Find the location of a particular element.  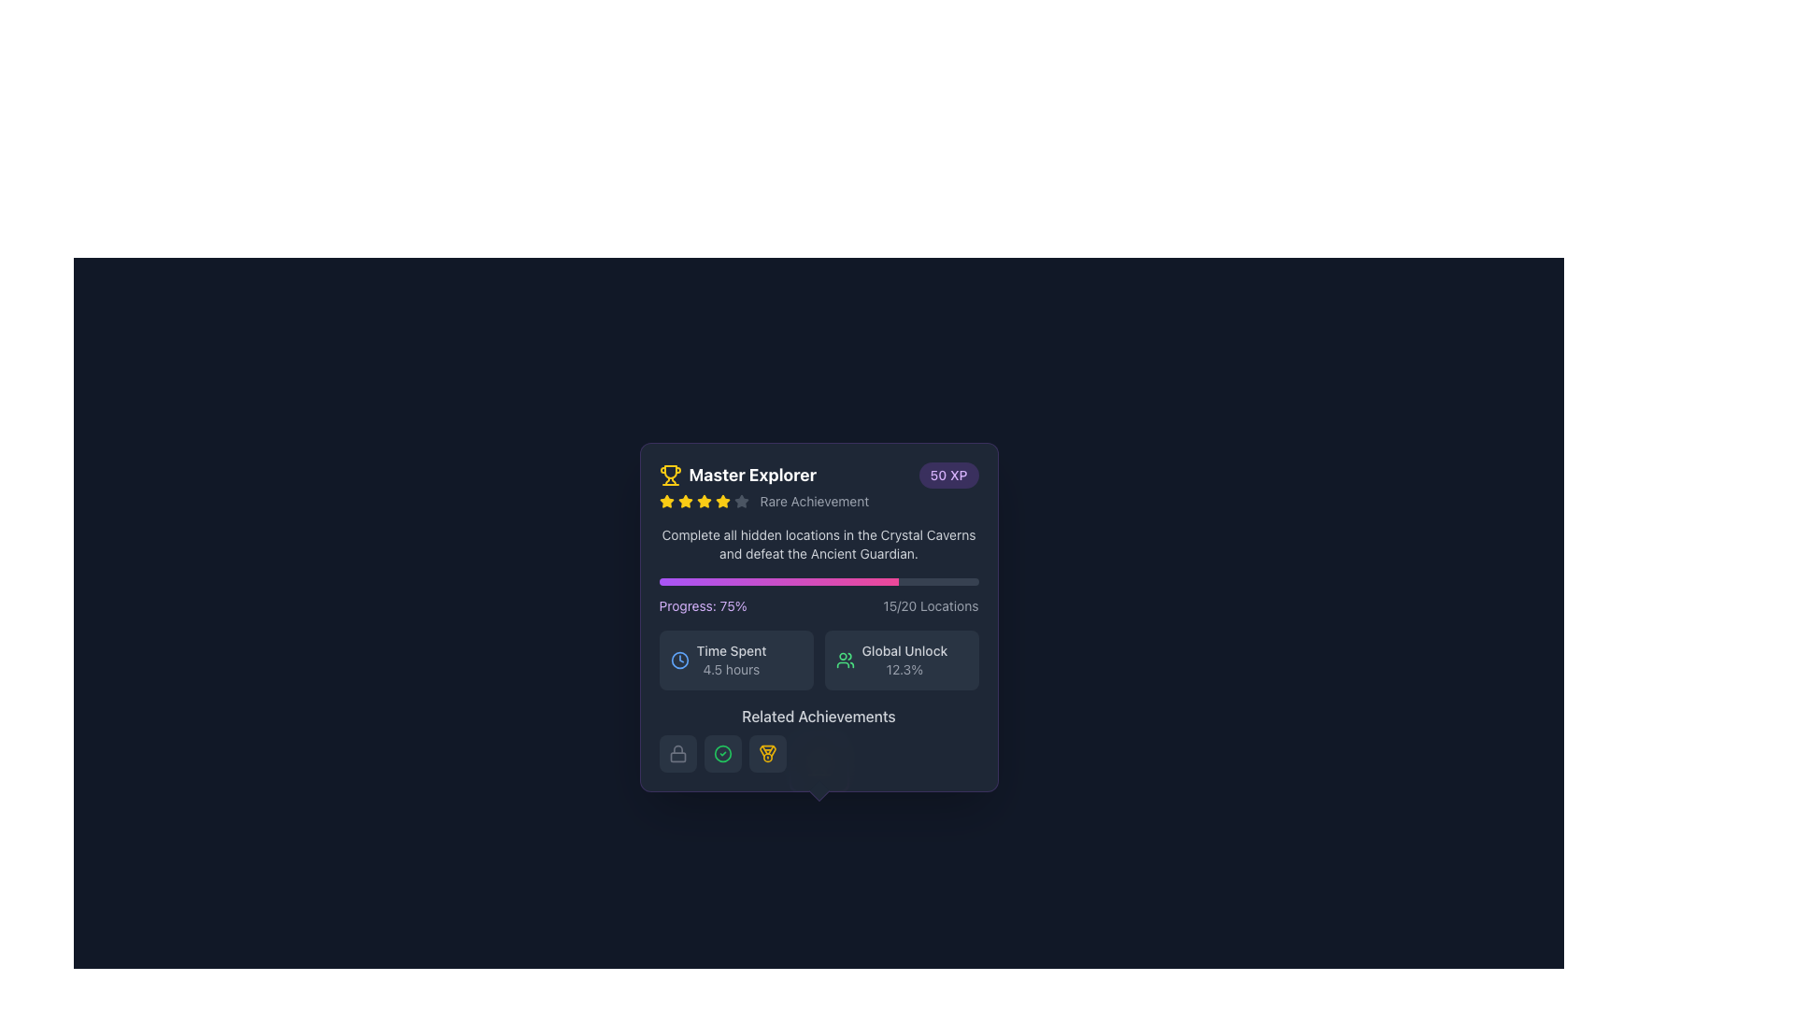

the first icon from the left in a horizontal set of icons at the bottom of a card-like section, which represents a locked or restricted state is located at coordinates (676, 752).